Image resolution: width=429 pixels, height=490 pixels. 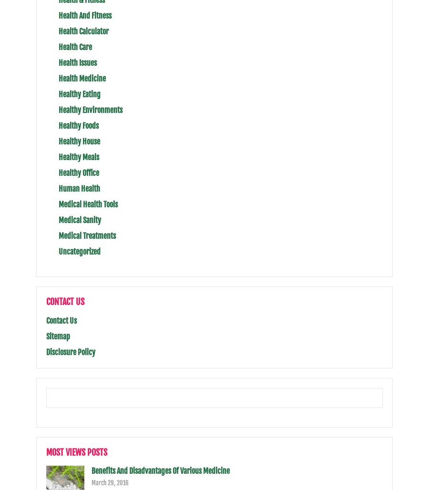 What do you see at coordinates (58, 337) in the screenshot?
I see `'Sitemap'` at bounding box center [58, 337].